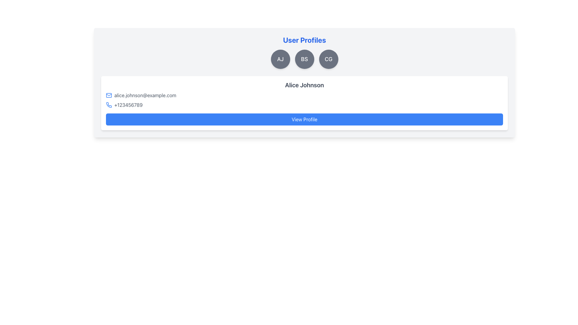 This screenshot has height=325, width=578. Describe the element at coordinates (304, 59) in the screenshot. I see `the circular button with gray background and white text 'BS' to trigger hover events` at that location.